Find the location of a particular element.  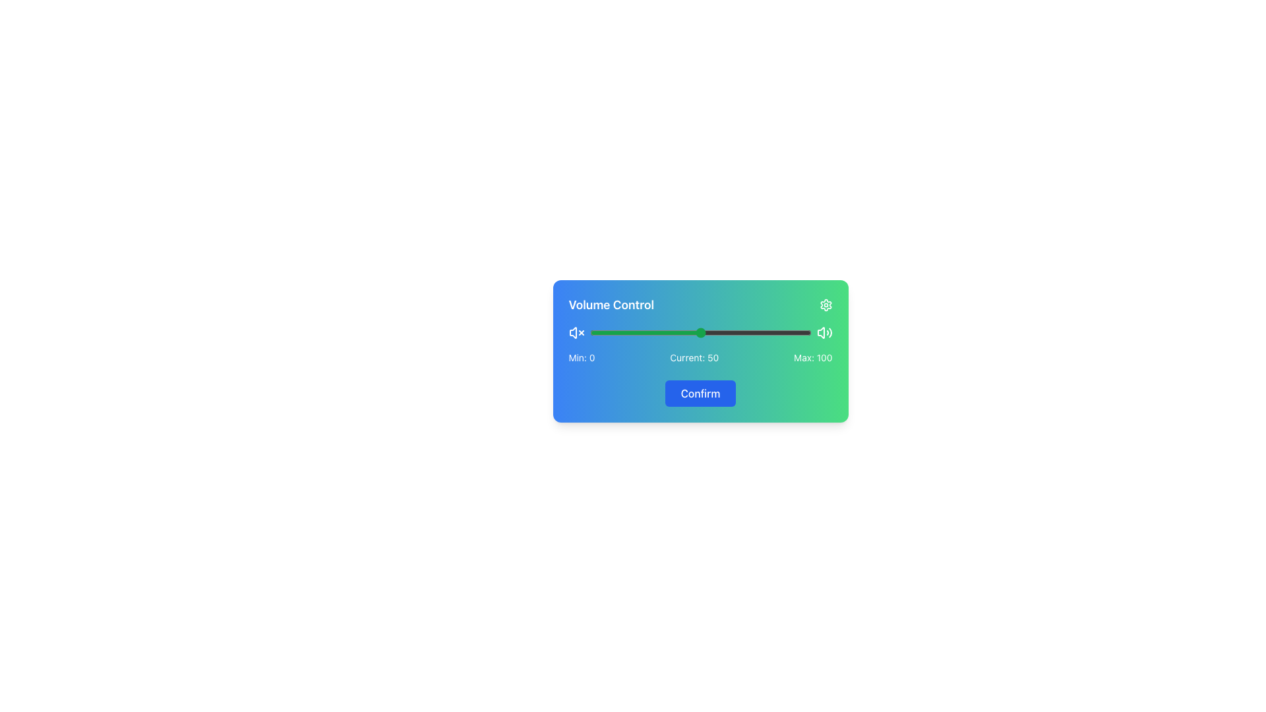

the volume is located at coordinates (744, 332).